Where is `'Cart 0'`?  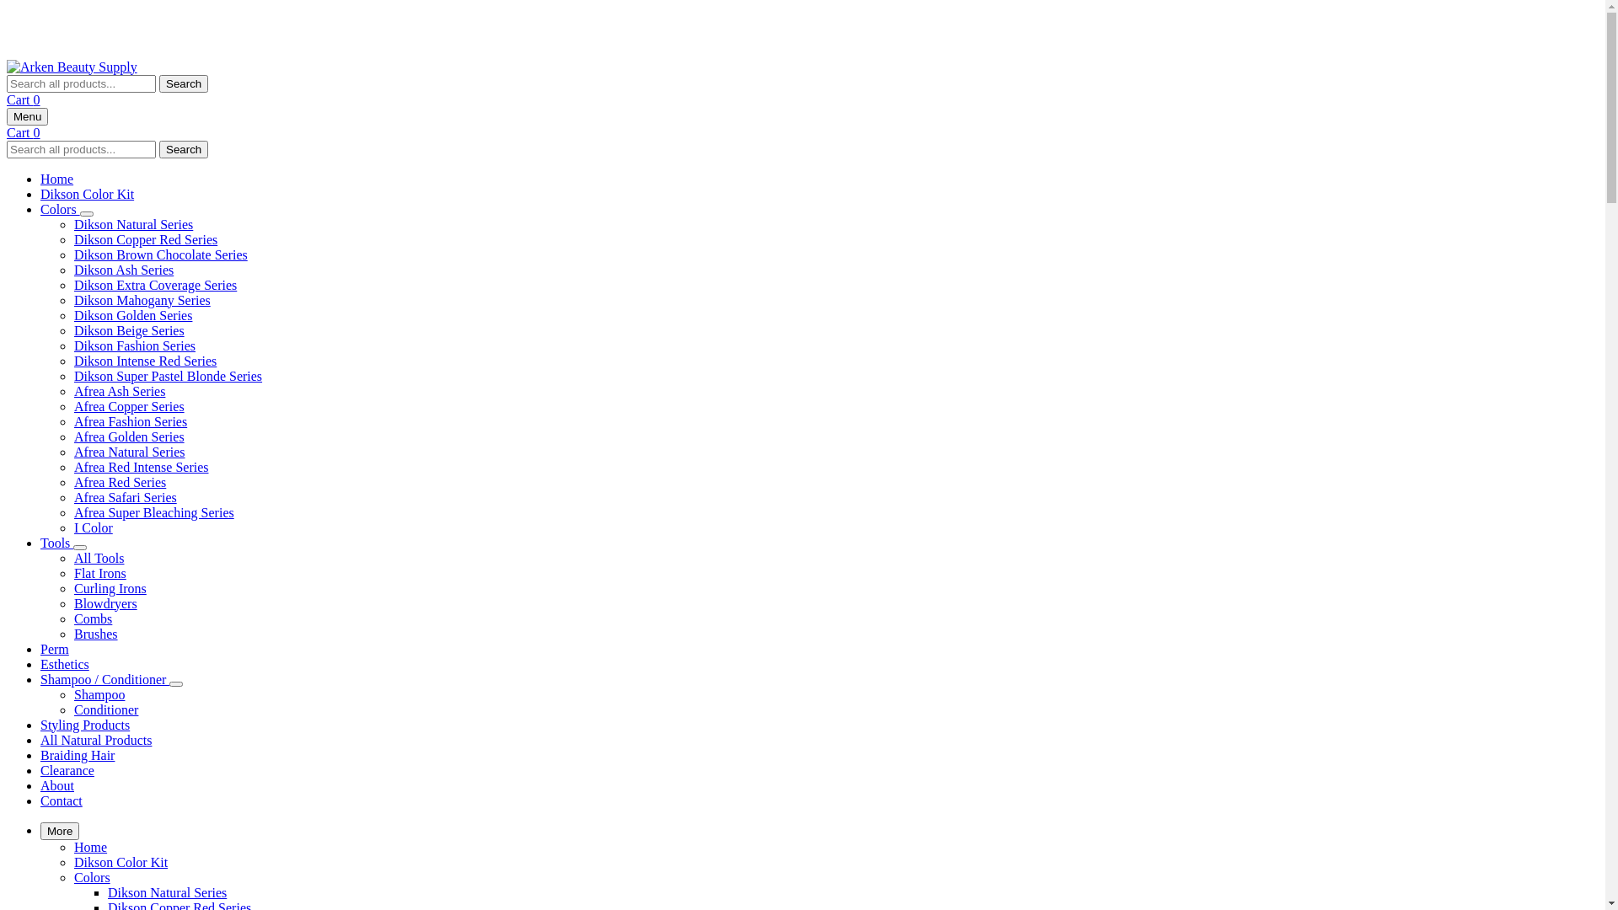
'Cart 0' is located at coordinates (24, 131).